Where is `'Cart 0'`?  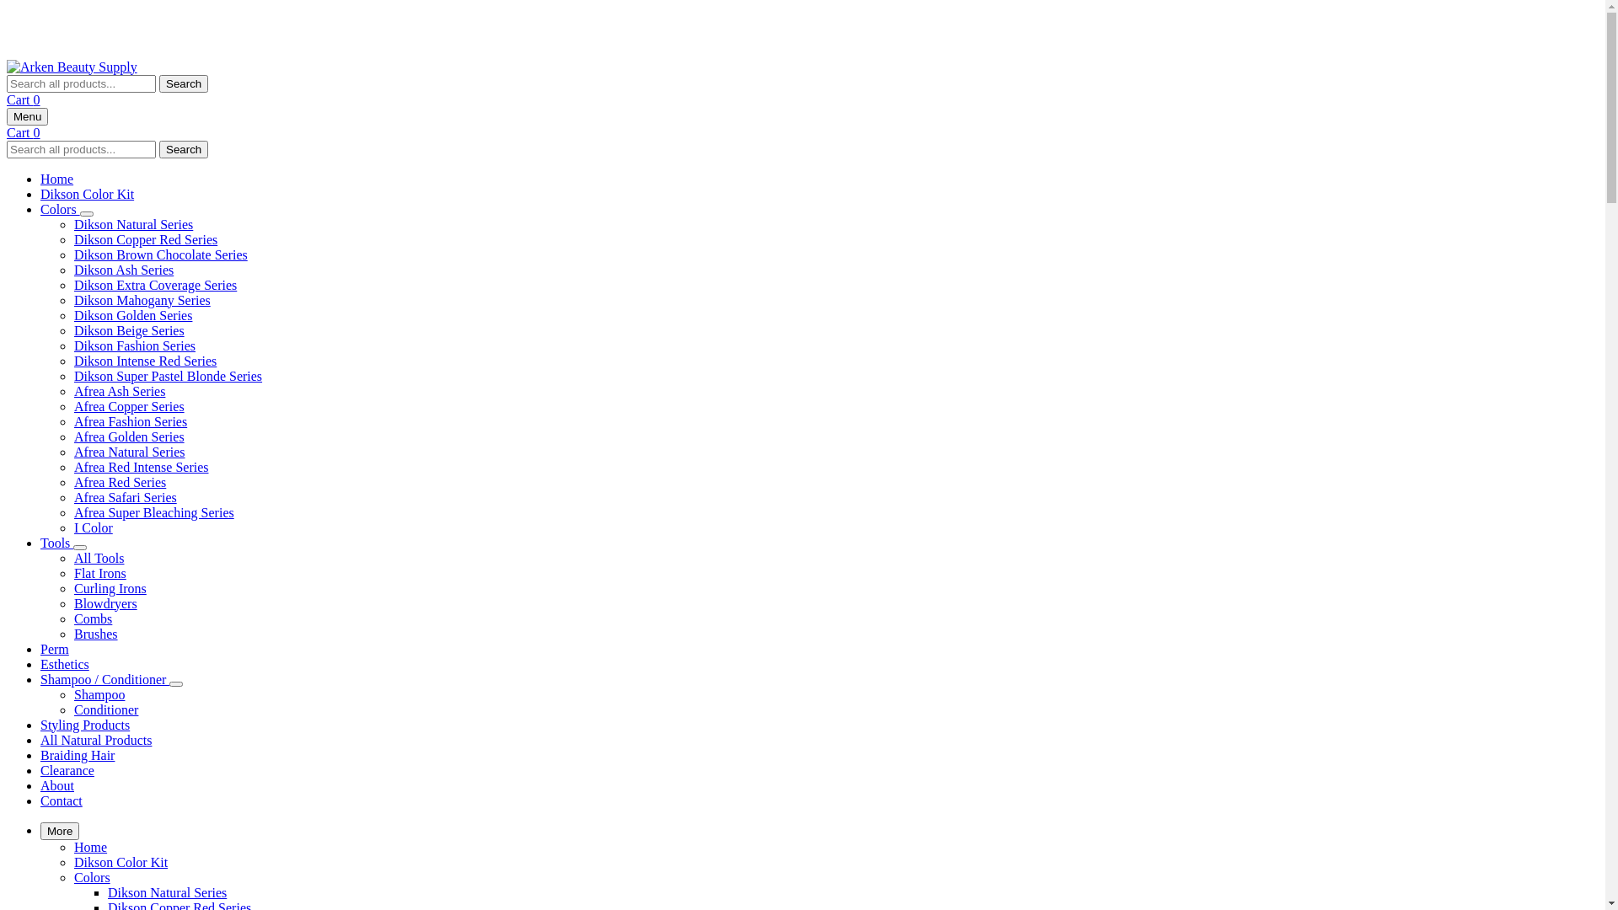
'Cart 0' is located at coordinates (24, 131).